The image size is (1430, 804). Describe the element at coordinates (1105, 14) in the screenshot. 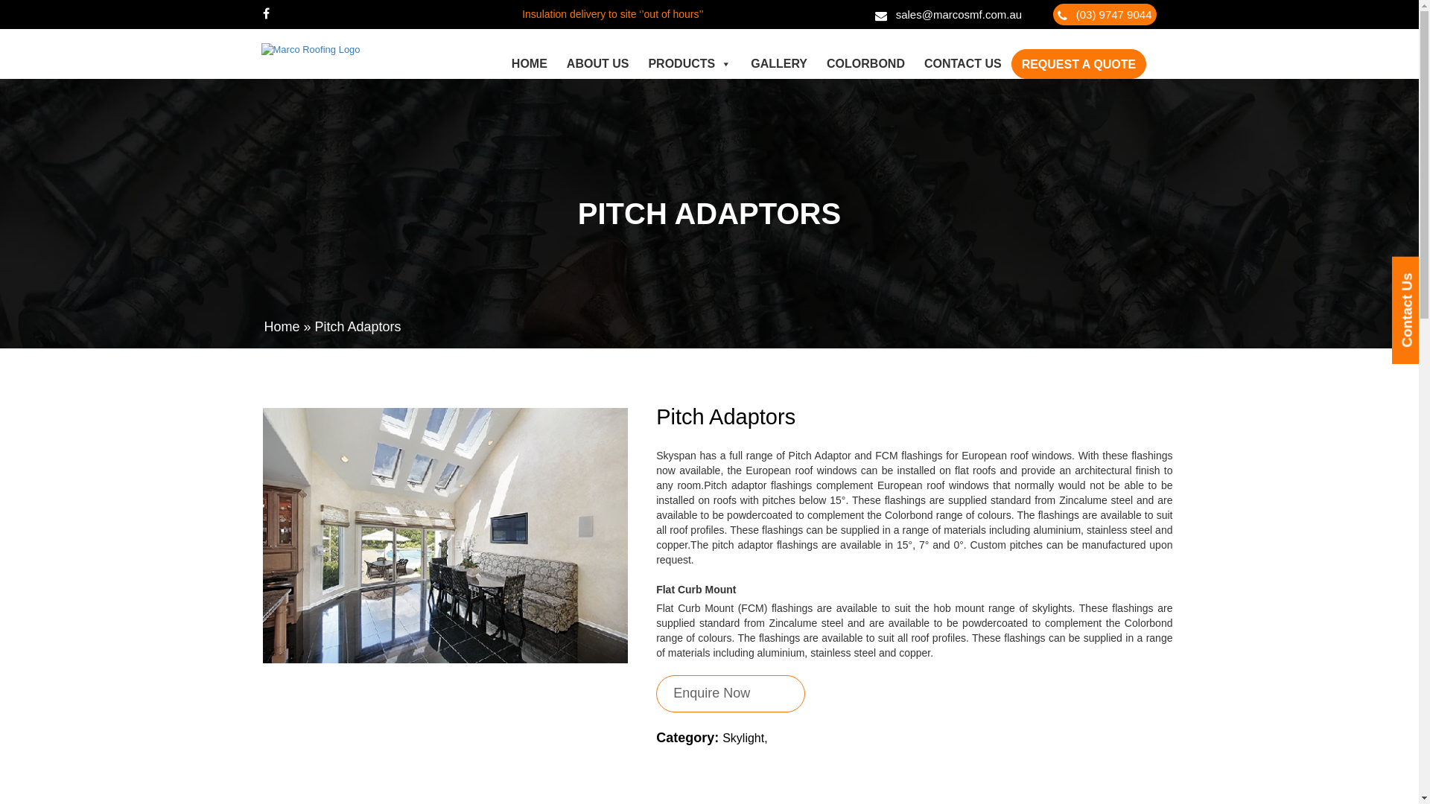

I see `'(03) 9747 9044'` at that location.